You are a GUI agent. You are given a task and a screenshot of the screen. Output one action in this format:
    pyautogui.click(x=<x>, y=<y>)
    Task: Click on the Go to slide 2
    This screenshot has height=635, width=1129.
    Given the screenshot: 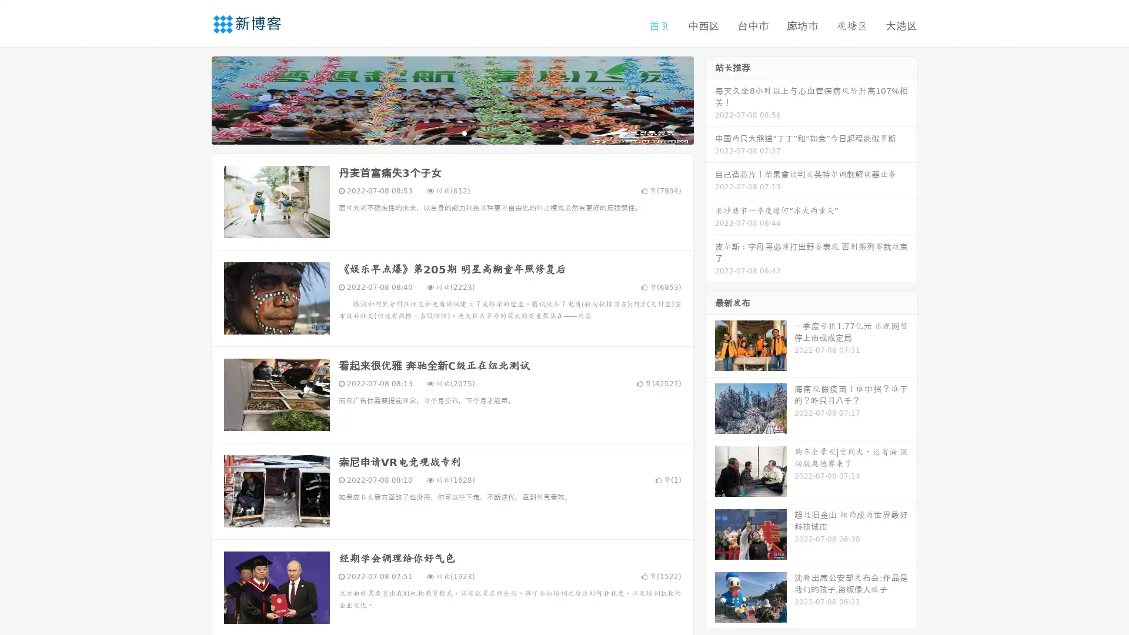 What is the action you would take?
    pyautogui.click(x=452, y=132)
    